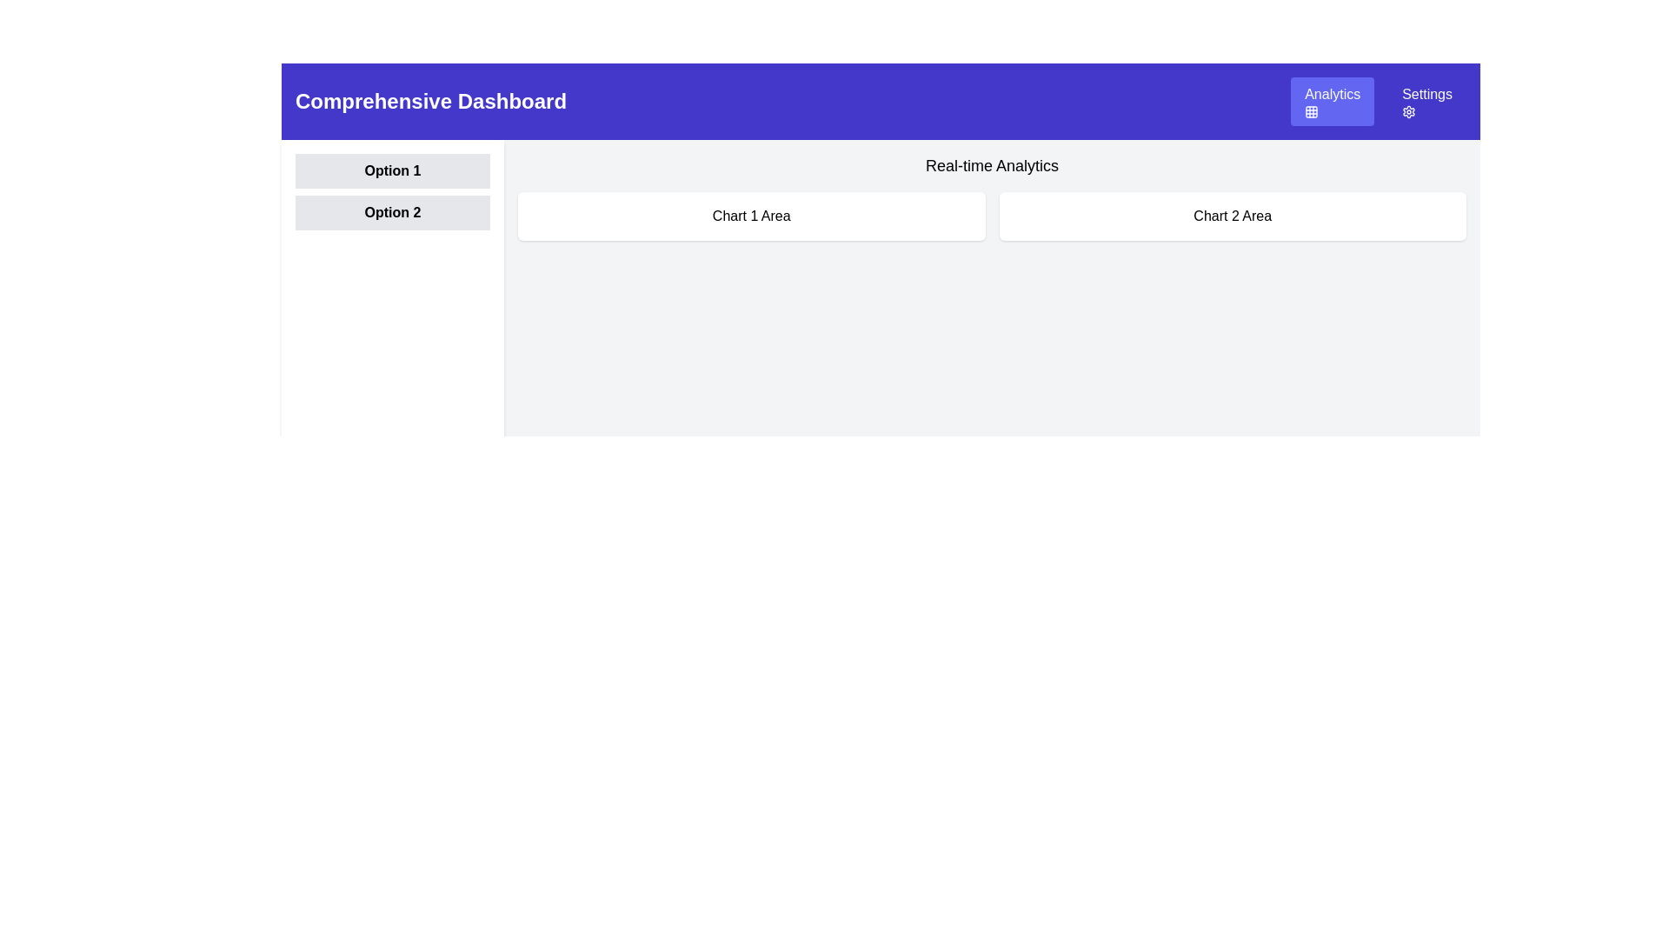  I want to click on the button labeled 'Option 2', which is the second button in a vertical list with a light gray background and black text, so click(391, 212).